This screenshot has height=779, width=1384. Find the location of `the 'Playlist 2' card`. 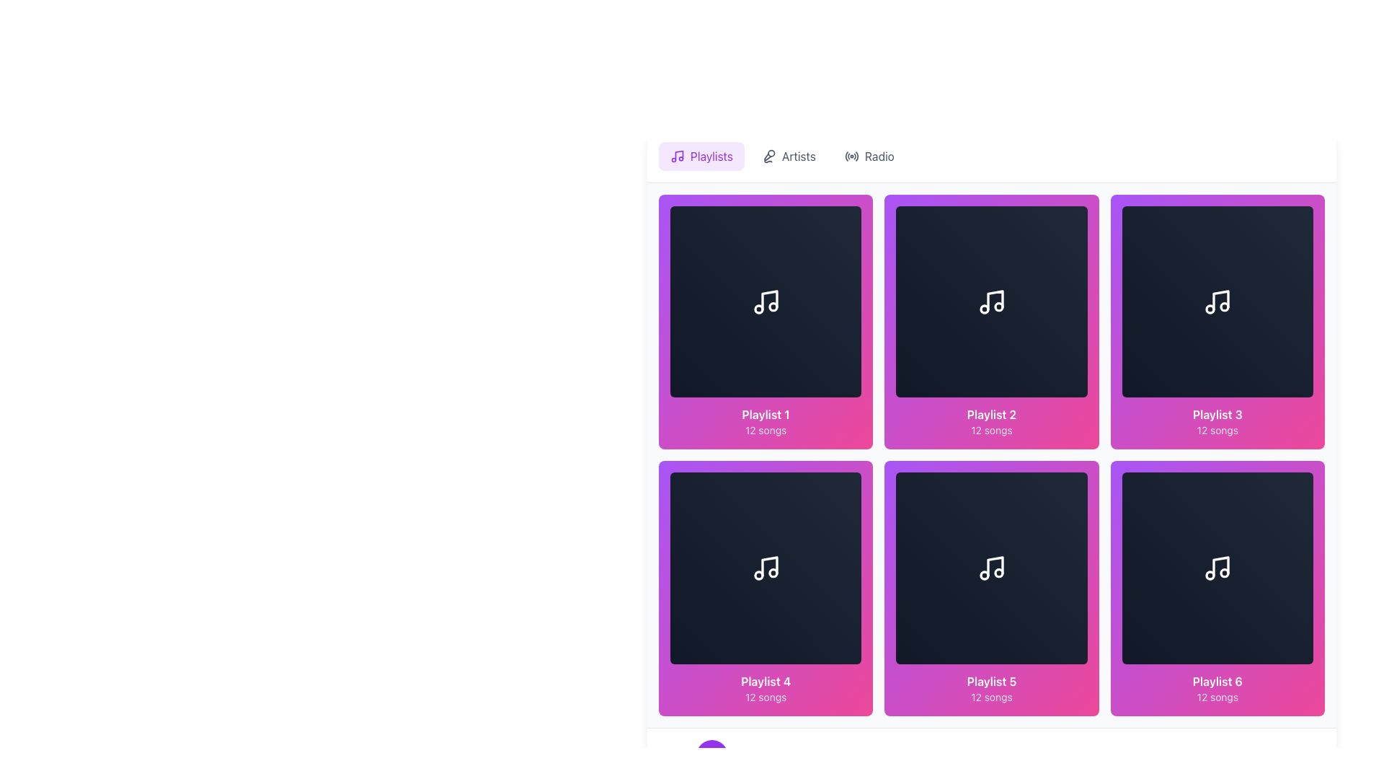

the 'Playlist 2' card is located at coordinates (991, 321).